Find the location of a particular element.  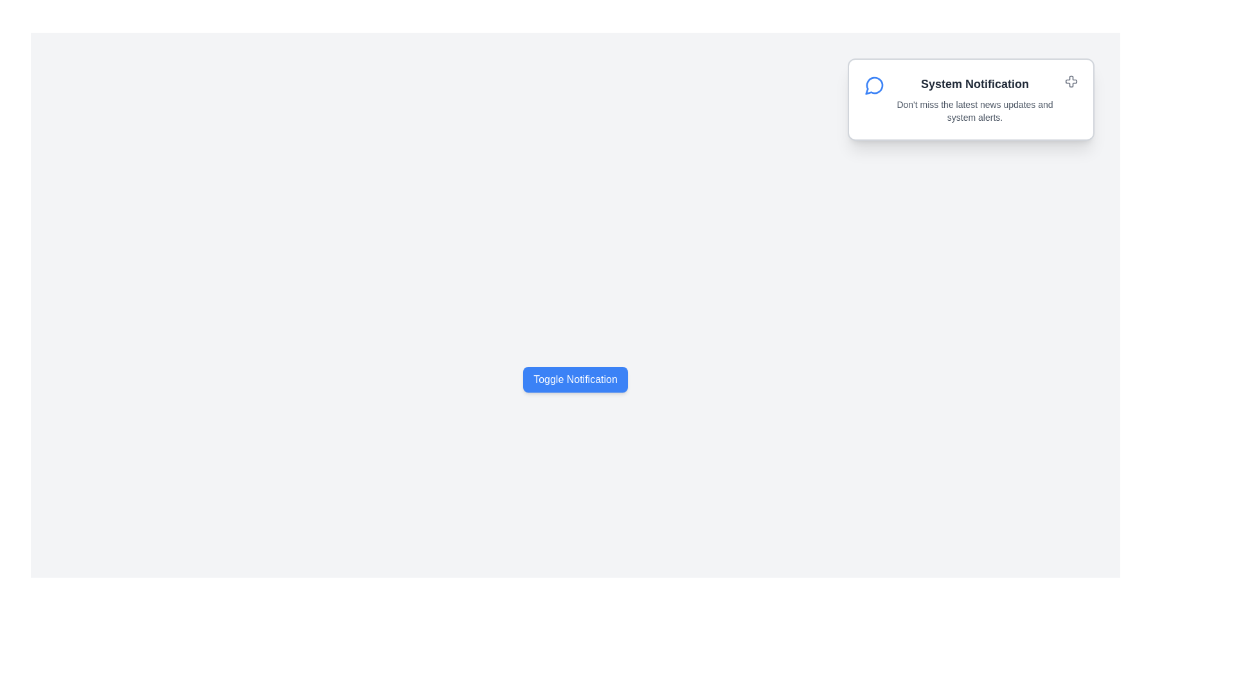

the close button located at the far right of the notification card is located at coordinates (1071, 82).